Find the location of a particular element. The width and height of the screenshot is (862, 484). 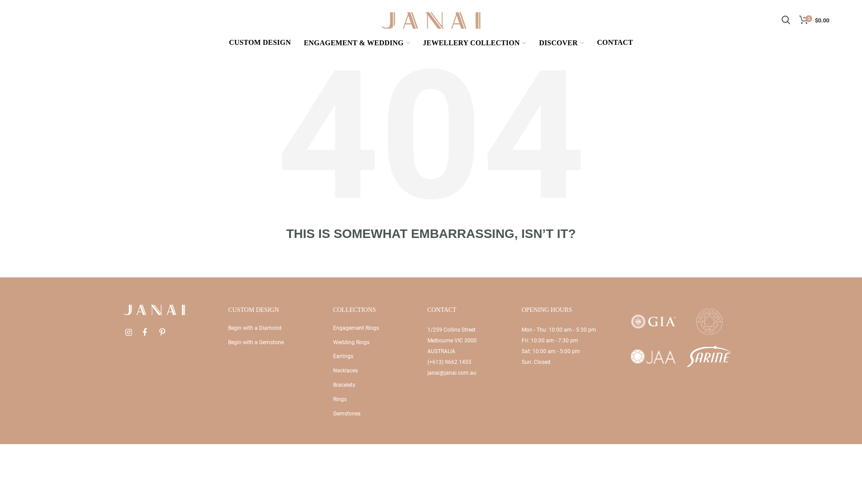

'DISCOVER' is located at coordinates (534, 43).